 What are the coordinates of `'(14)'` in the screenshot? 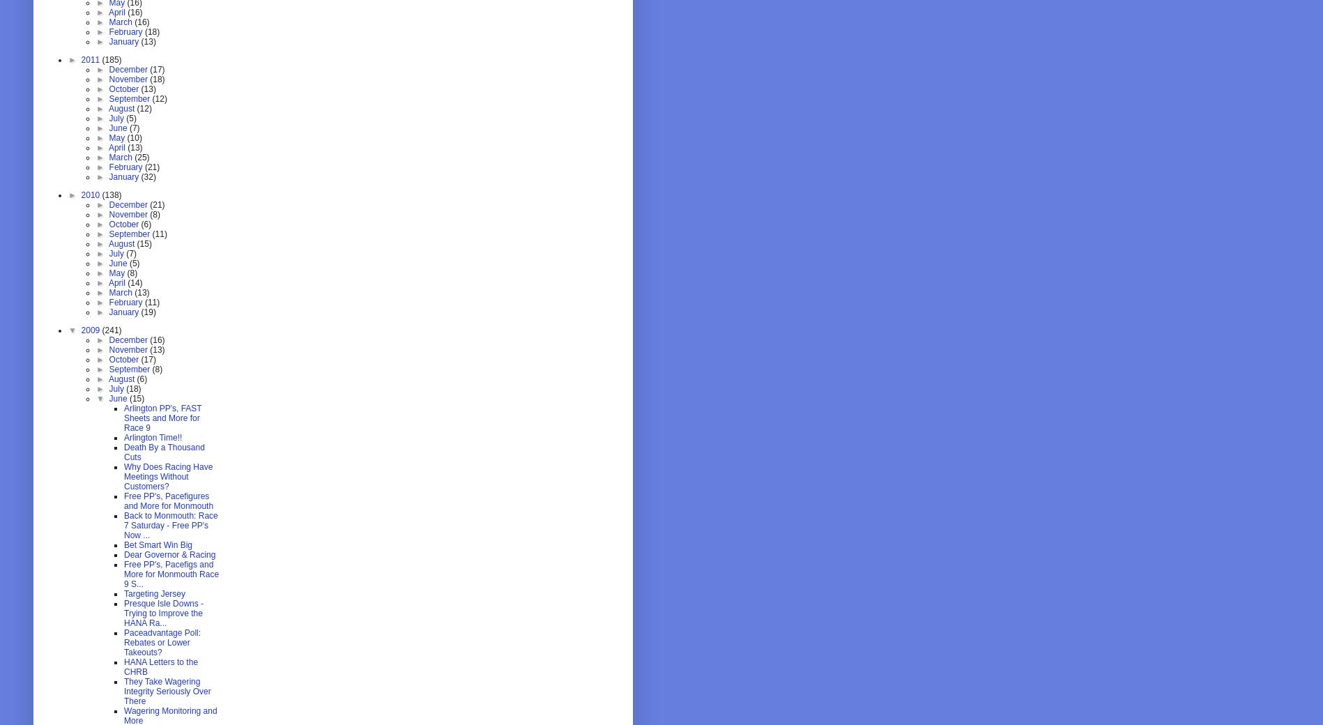 It's located at (126, 283).